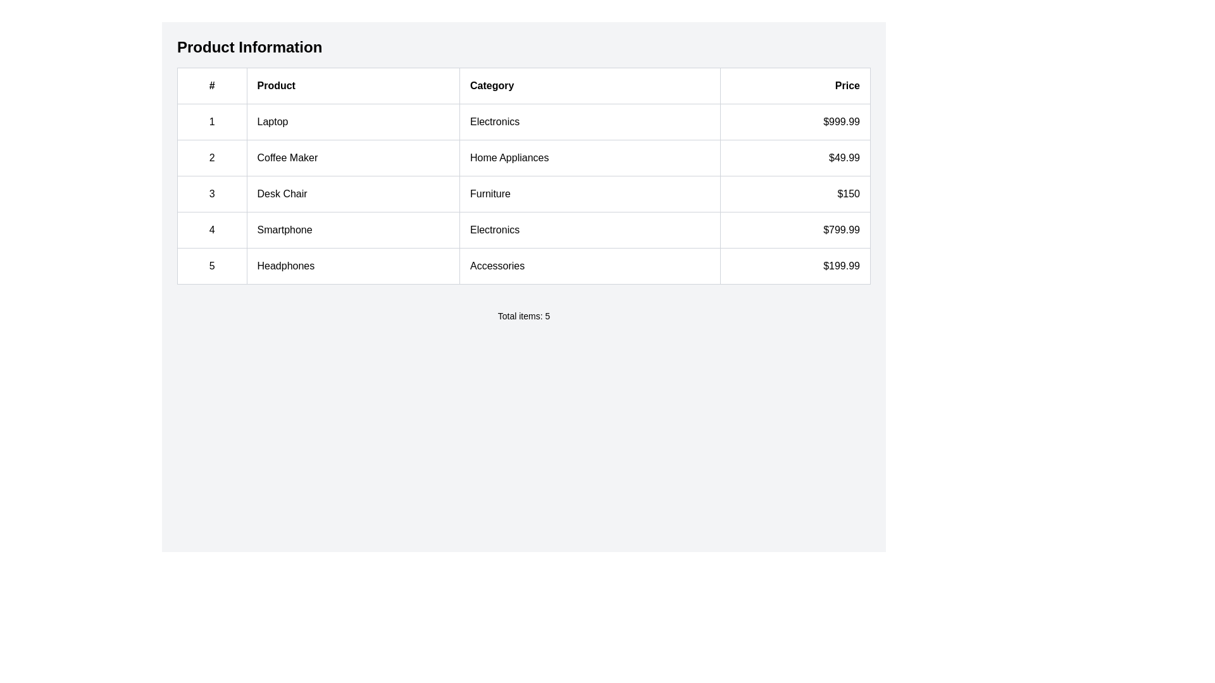 Image resolution: width=1215 pixels, height=683 pixels. What do you see at coordinates (524, 157) in the screenshot?
I see `the second row in the 'Product Information' table that displays product details including 'Coffee Maker' and its price '$49.99'` at bounding box center [524, 157].